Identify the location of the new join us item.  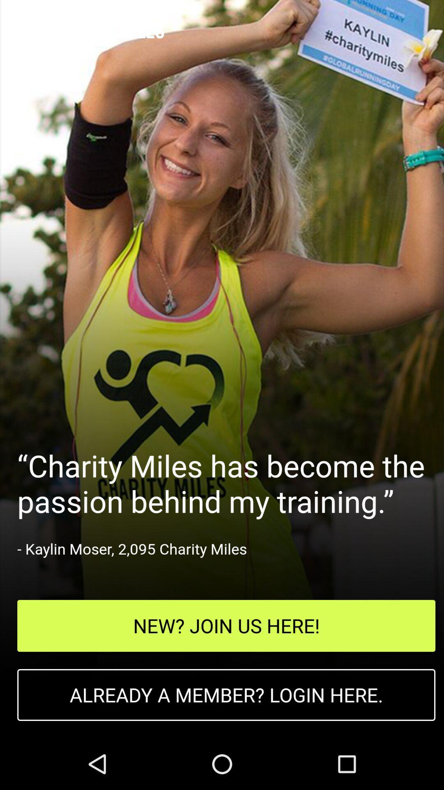
(226, 625).